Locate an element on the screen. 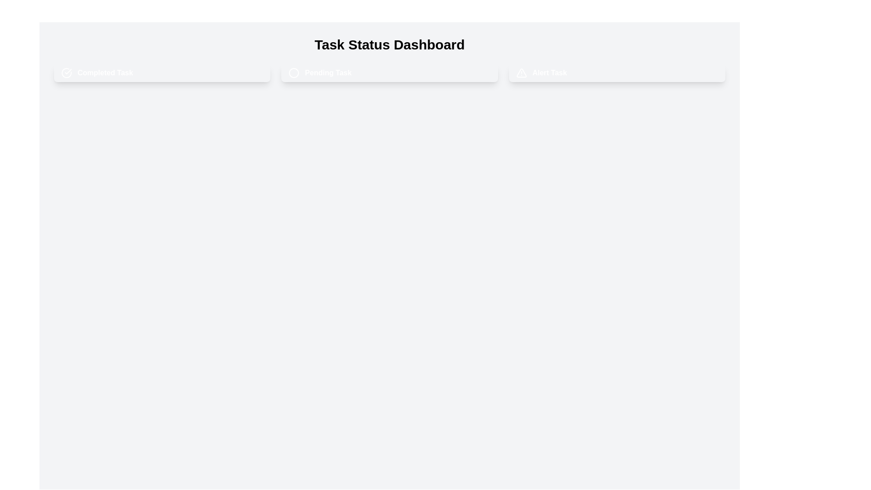  the task chip labeled pending Task is located at coordinates (390, 73).